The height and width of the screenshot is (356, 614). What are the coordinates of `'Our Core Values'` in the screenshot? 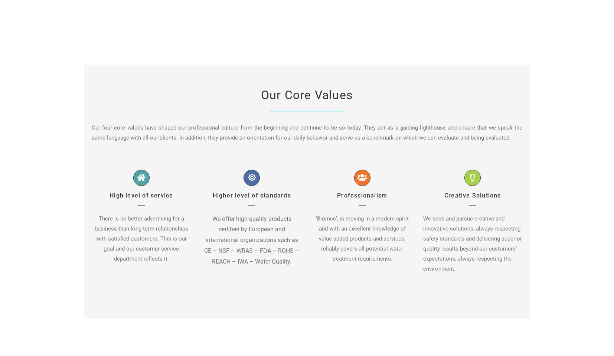 It's located at (307, 94).